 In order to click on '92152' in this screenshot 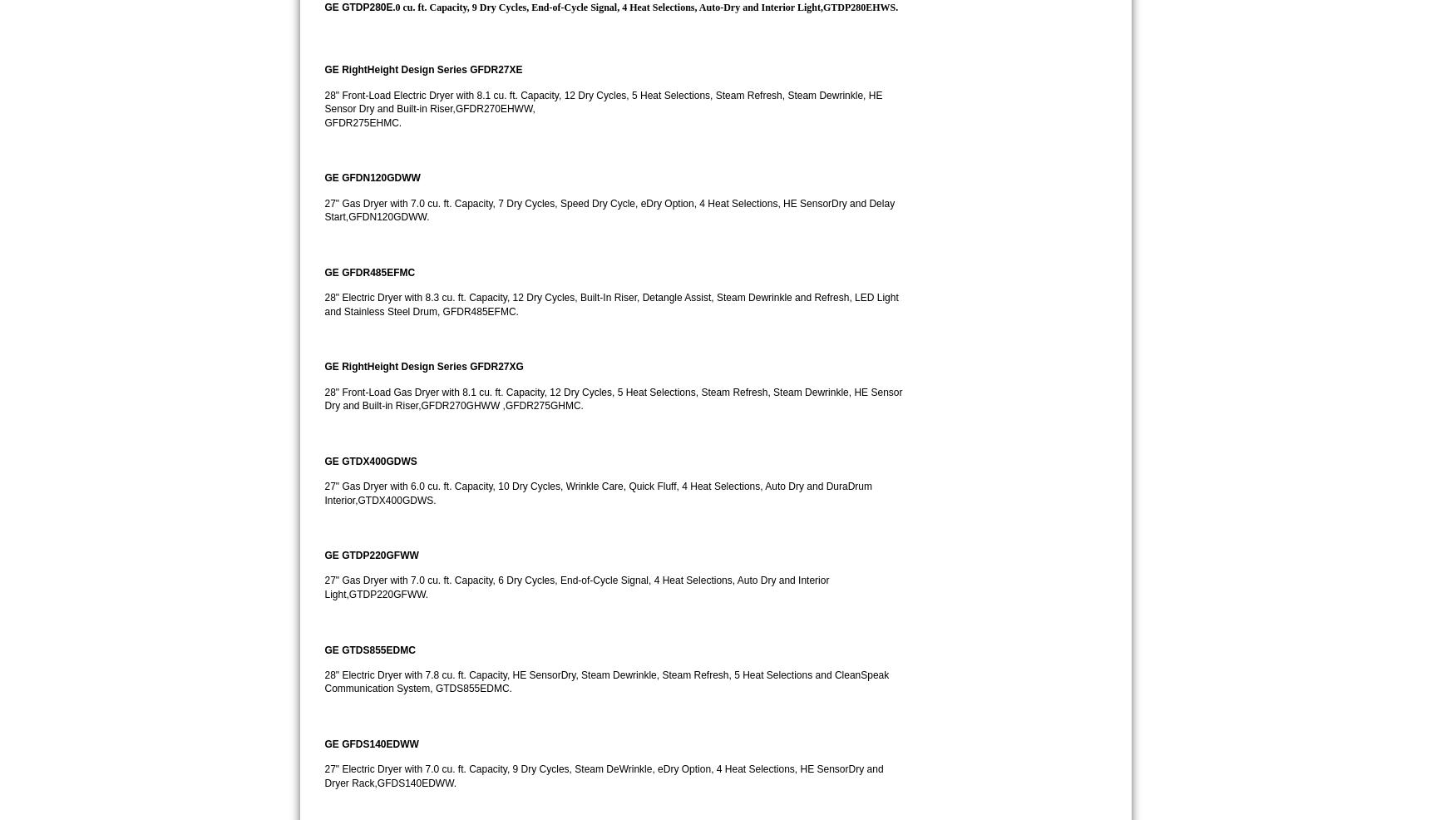, I will do `click(1051, 18)`.